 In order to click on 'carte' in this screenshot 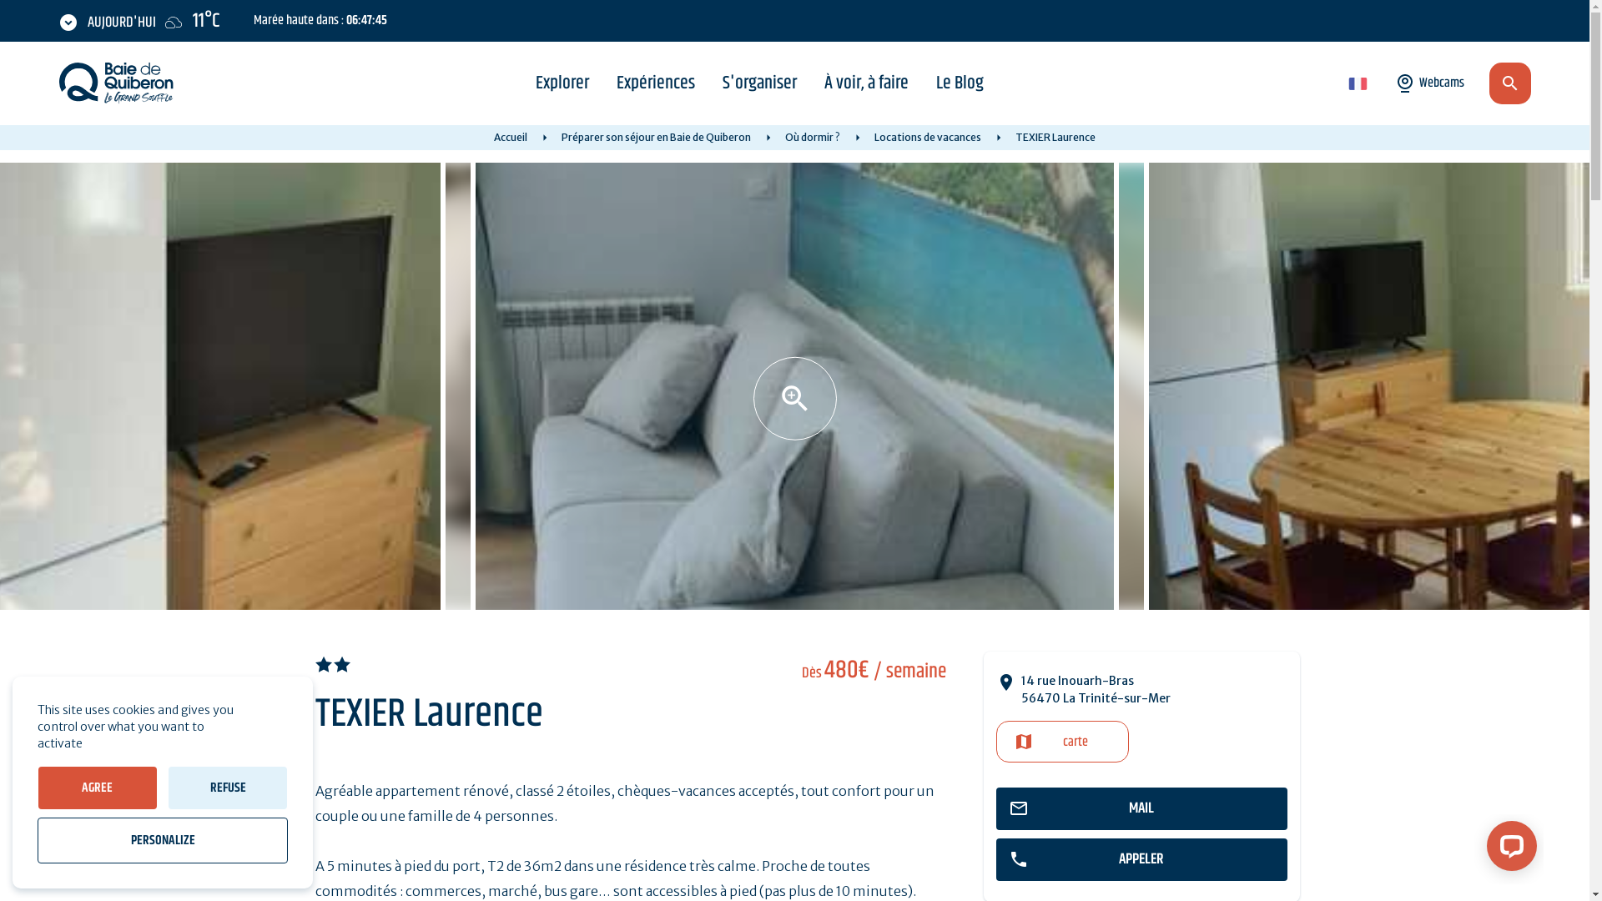, I will do `click(1061, 740)`.